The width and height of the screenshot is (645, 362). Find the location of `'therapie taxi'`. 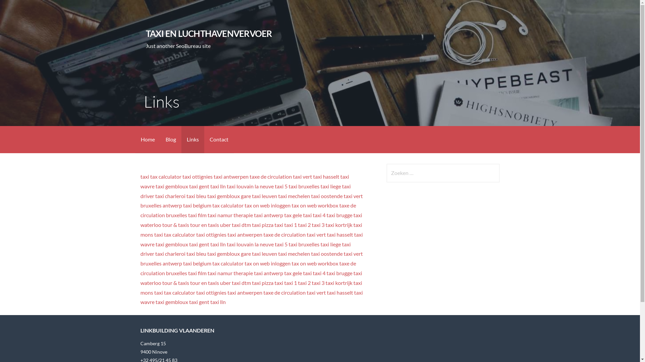

'therapie taxi' is located at coordinates (248, 215).